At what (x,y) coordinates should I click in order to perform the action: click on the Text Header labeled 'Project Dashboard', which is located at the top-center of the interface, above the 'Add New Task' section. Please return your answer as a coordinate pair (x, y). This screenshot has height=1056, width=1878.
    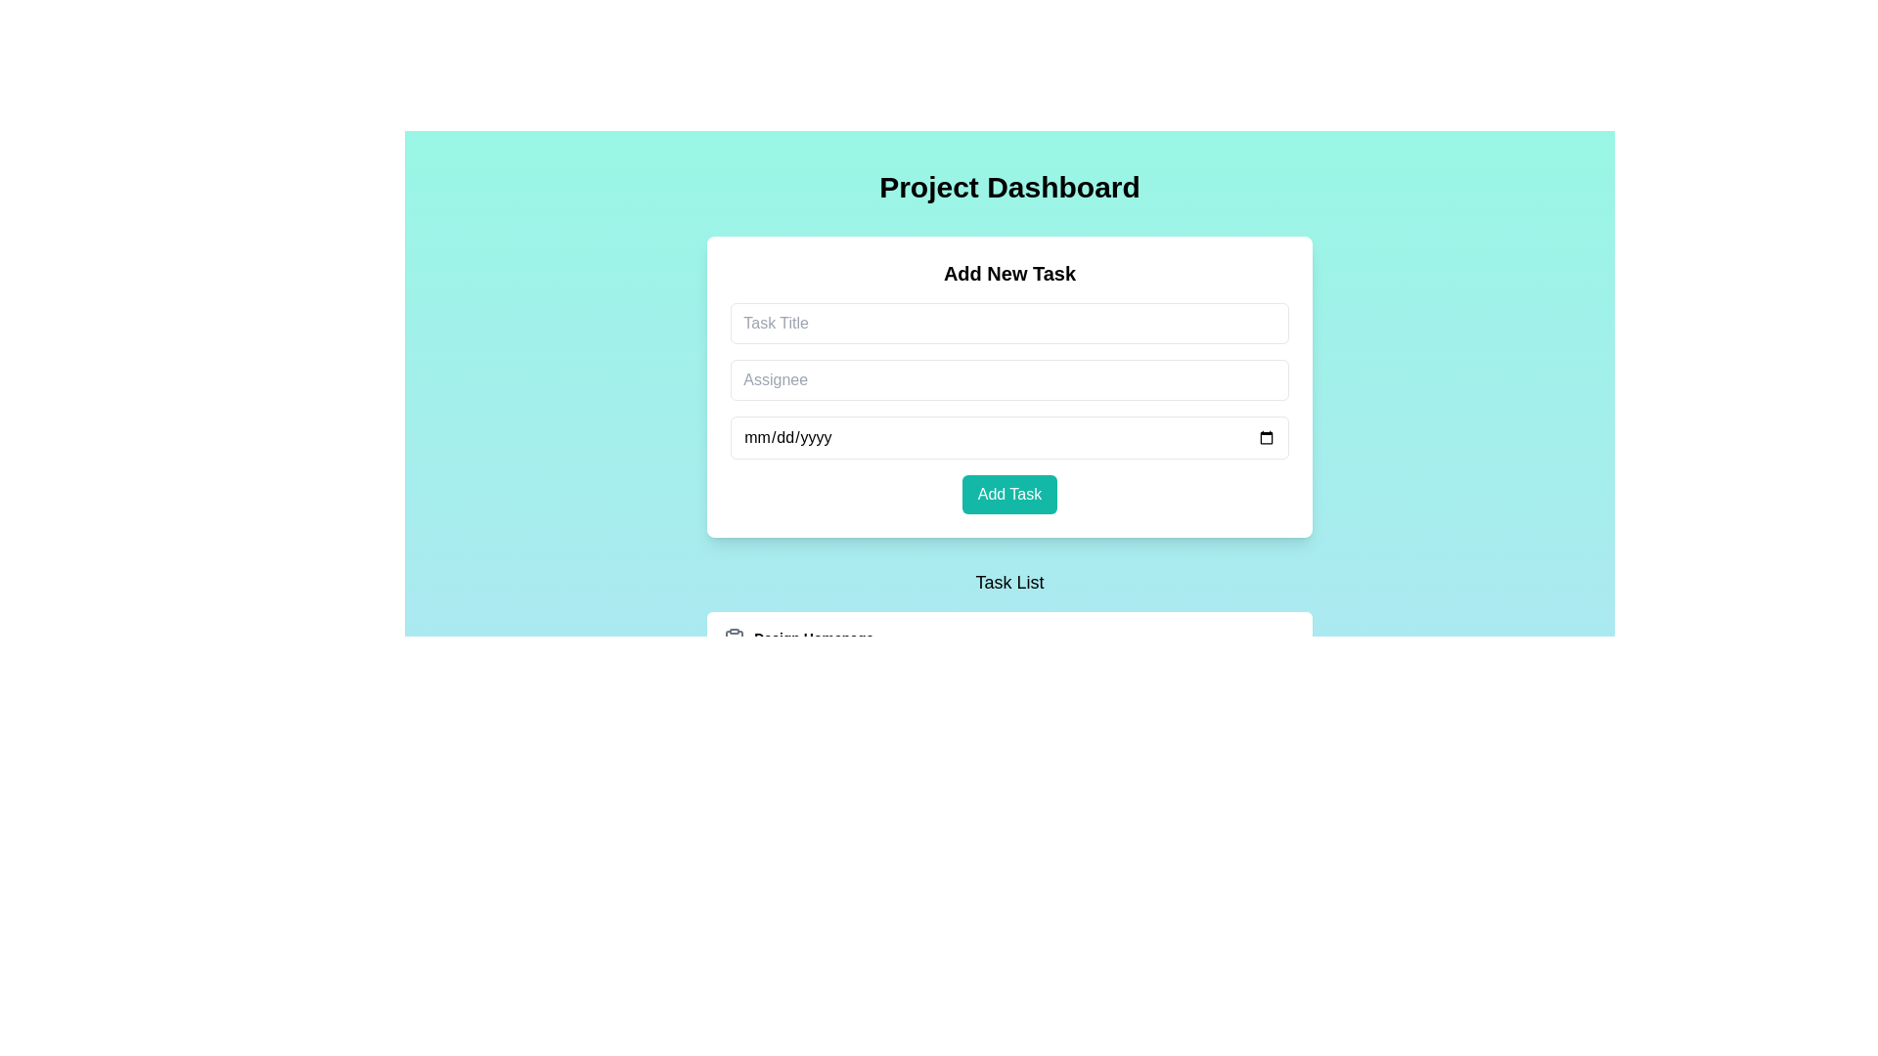
    Looking at the image, I should click on (1009, 188).